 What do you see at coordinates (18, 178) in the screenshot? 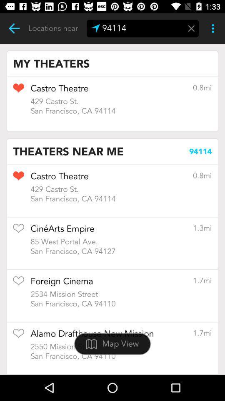
I see `like button` at bounding box center [18, 178].